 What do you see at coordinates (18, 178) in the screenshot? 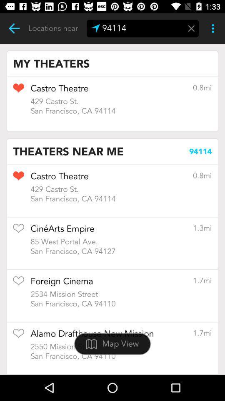
I see `like button` at bounding box center [18, 178].